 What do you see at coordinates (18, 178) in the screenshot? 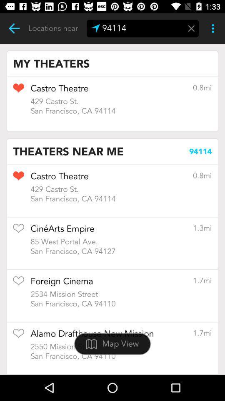
I see `like button` at bounding box center [18, 178].